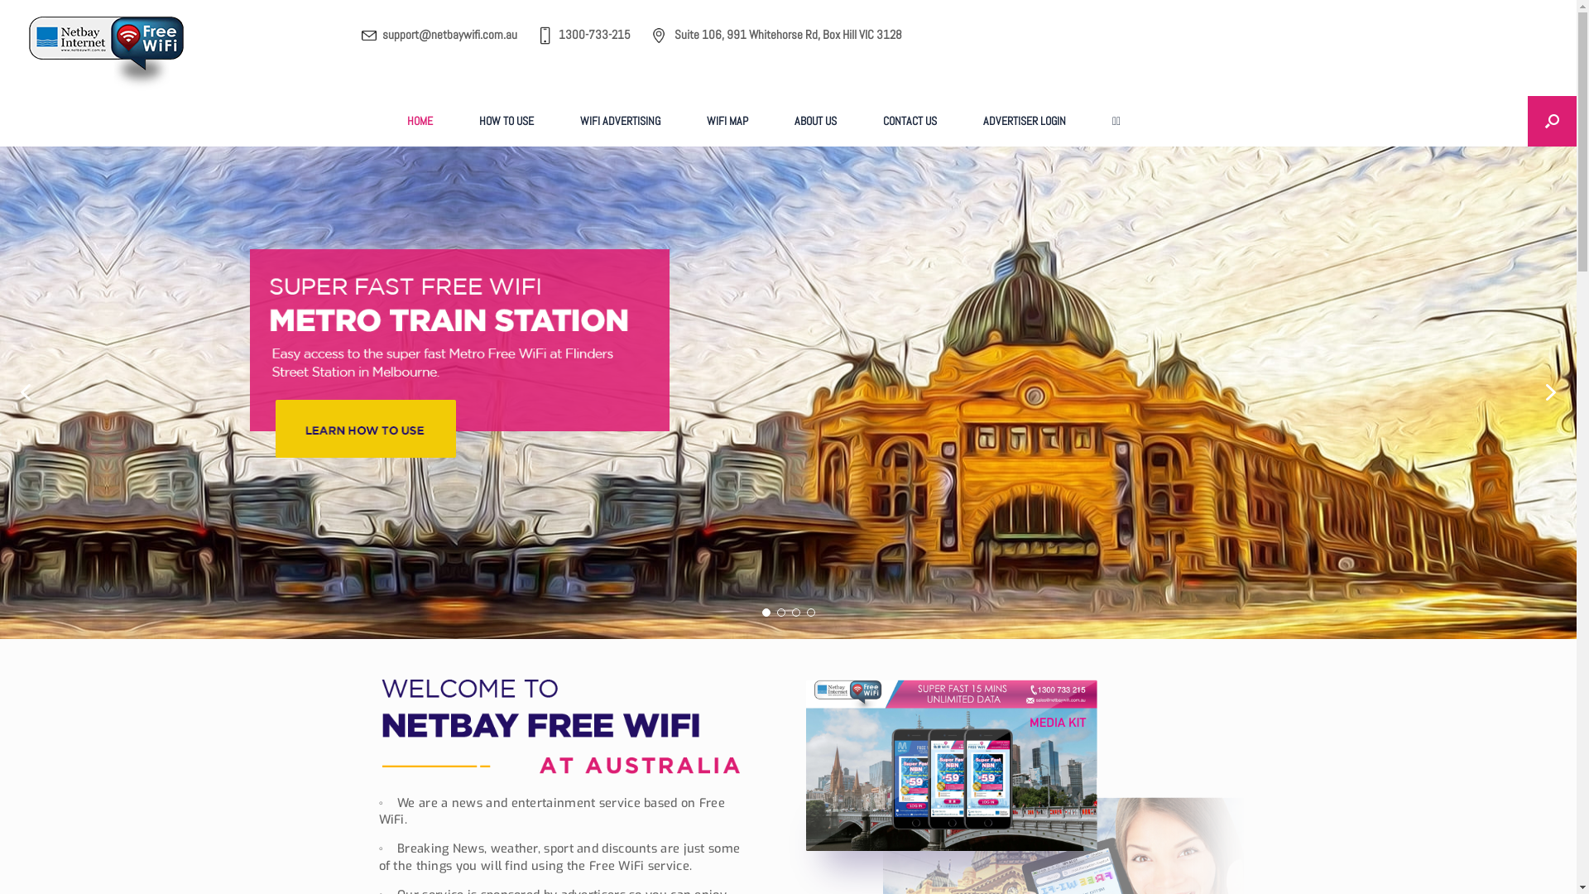 This screenshot has width=1589, height=894. Describe the element at coordinates (1024, 120) in the screenshot. I see `'ADVERTISER LOGIN'` at that location.